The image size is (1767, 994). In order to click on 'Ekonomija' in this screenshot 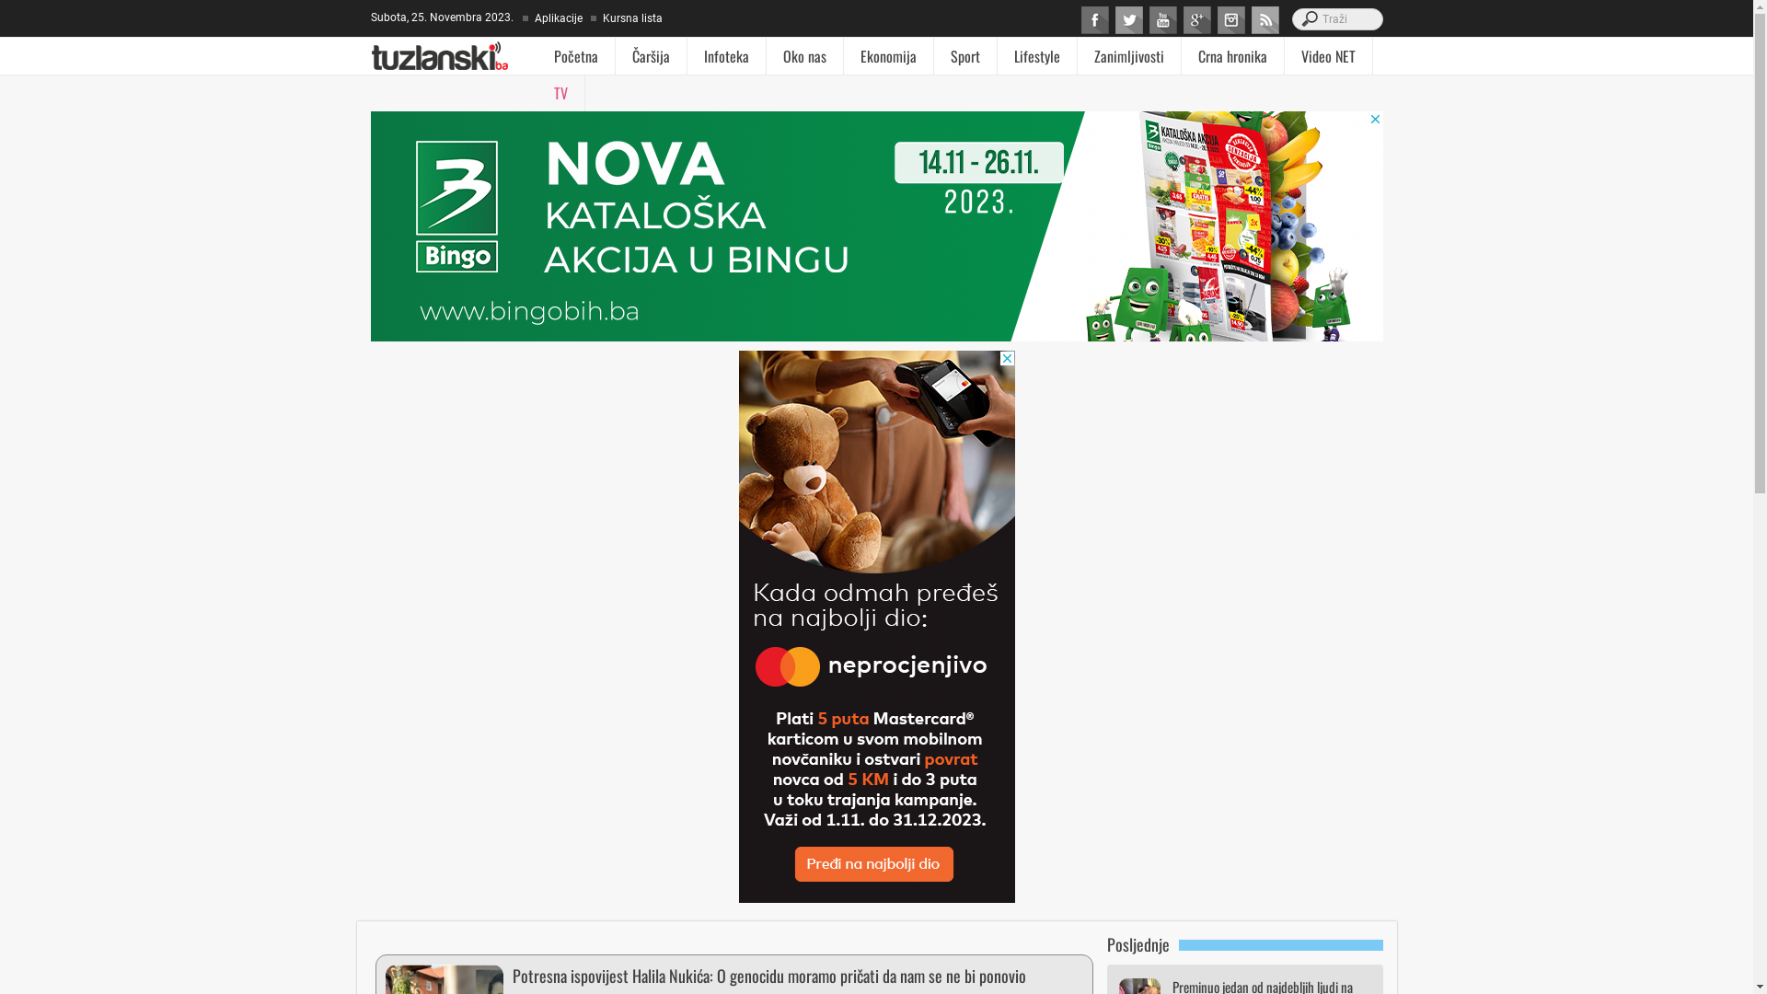, I will do `click(888, 55)`.